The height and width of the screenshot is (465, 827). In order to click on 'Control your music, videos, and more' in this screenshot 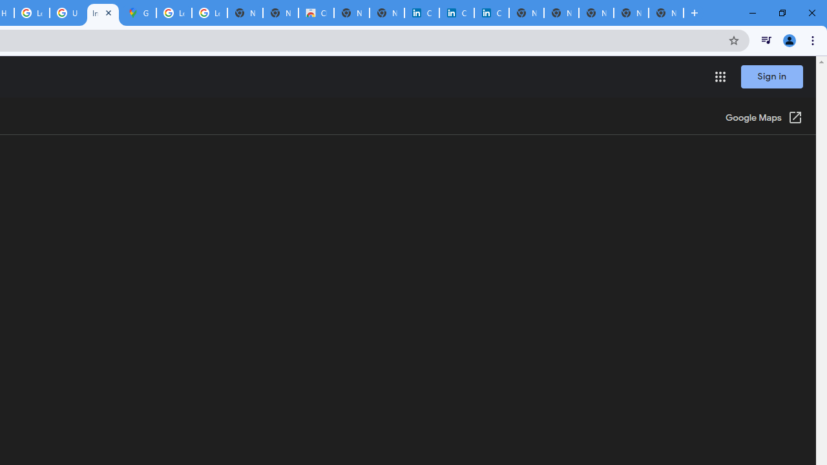, I will do `click(766, 39)`.